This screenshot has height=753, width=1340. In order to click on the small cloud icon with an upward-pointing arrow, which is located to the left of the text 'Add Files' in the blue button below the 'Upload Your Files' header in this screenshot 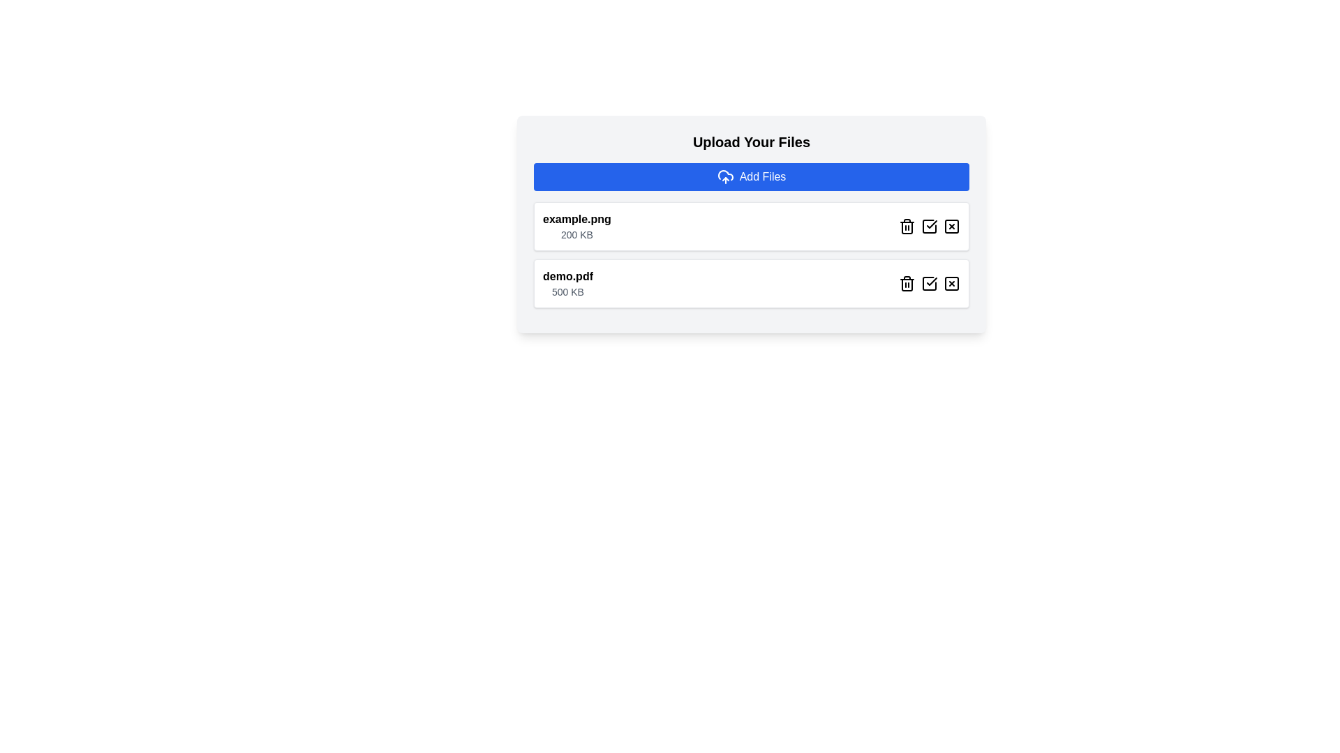, I will do `click(725, 176)`.